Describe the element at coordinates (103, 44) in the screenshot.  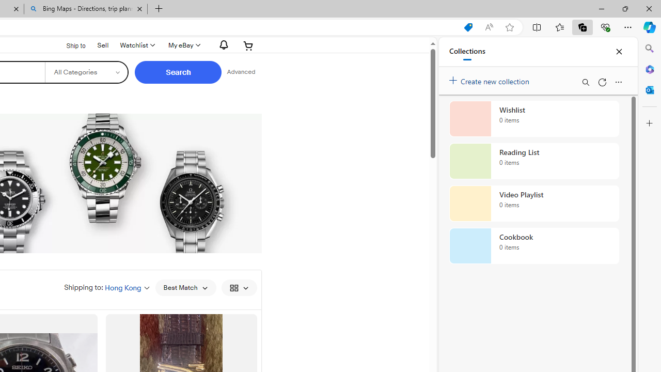
I see `'Sell'` at that location.